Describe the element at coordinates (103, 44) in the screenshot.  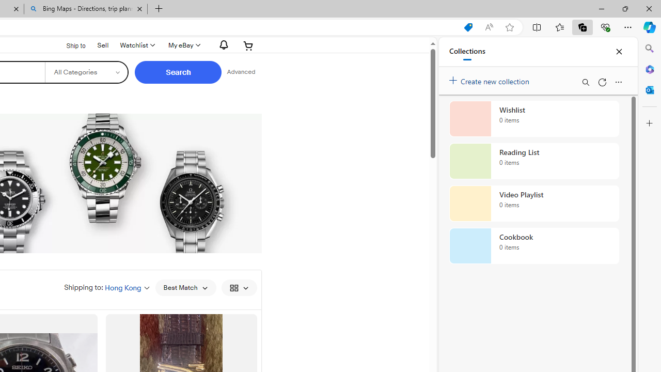
I see `'Sell'` at that location.